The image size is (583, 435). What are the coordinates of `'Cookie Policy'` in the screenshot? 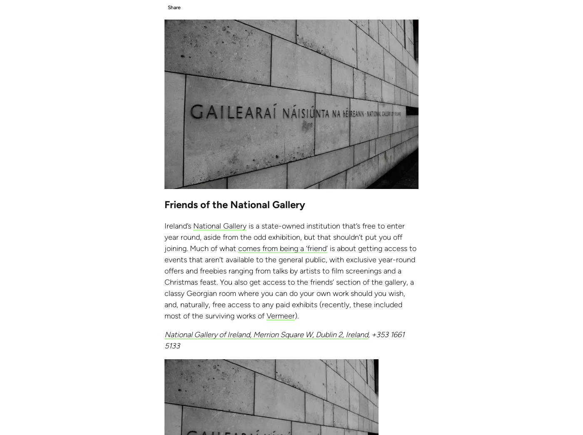 It's located at (462, 25).